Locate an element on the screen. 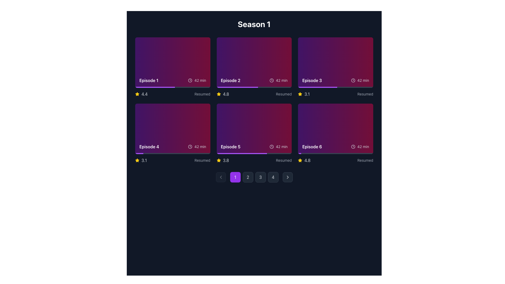 This screenshot has height=284, width=505. text from the duration label beside the 'Episode 3' text label located in the top right of the Episode 3 tile is located at coordinates (360, 80).